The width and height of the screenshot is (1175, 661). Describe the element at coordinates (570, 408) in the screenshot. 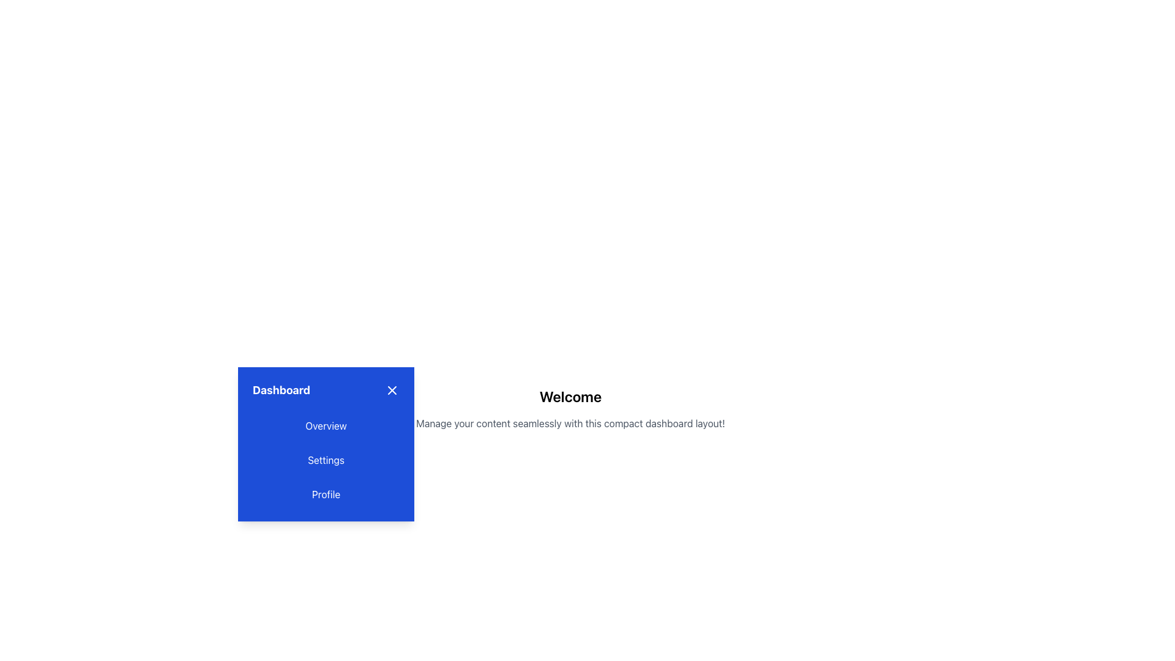

I see `the text element that contains the bold heading 'Welcome' and the description 'Manage your content seamlessly with this compact dashboard layout!'` at that location.